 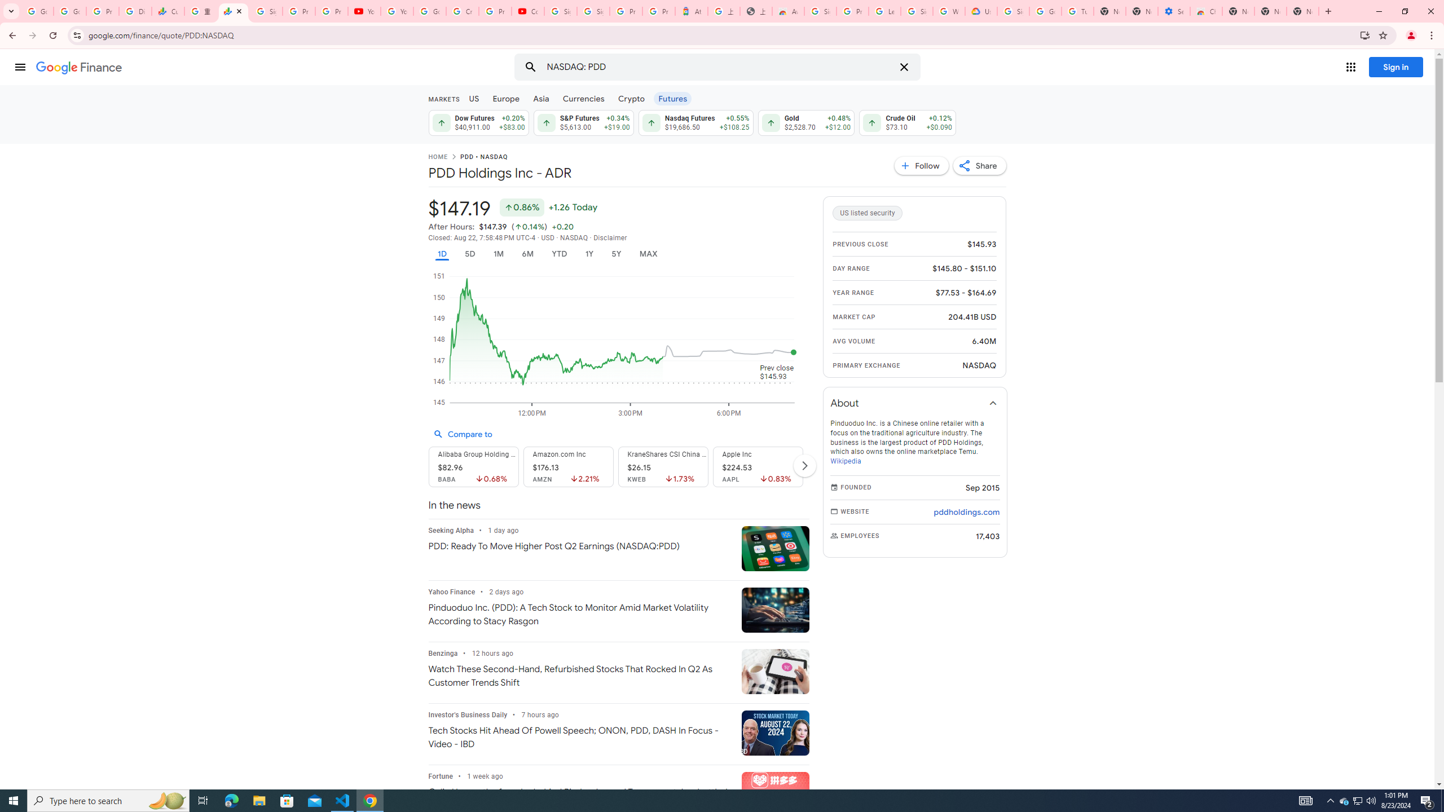 I want to click on 'Sign in - Google Accounts', so click(x=560, y=11).